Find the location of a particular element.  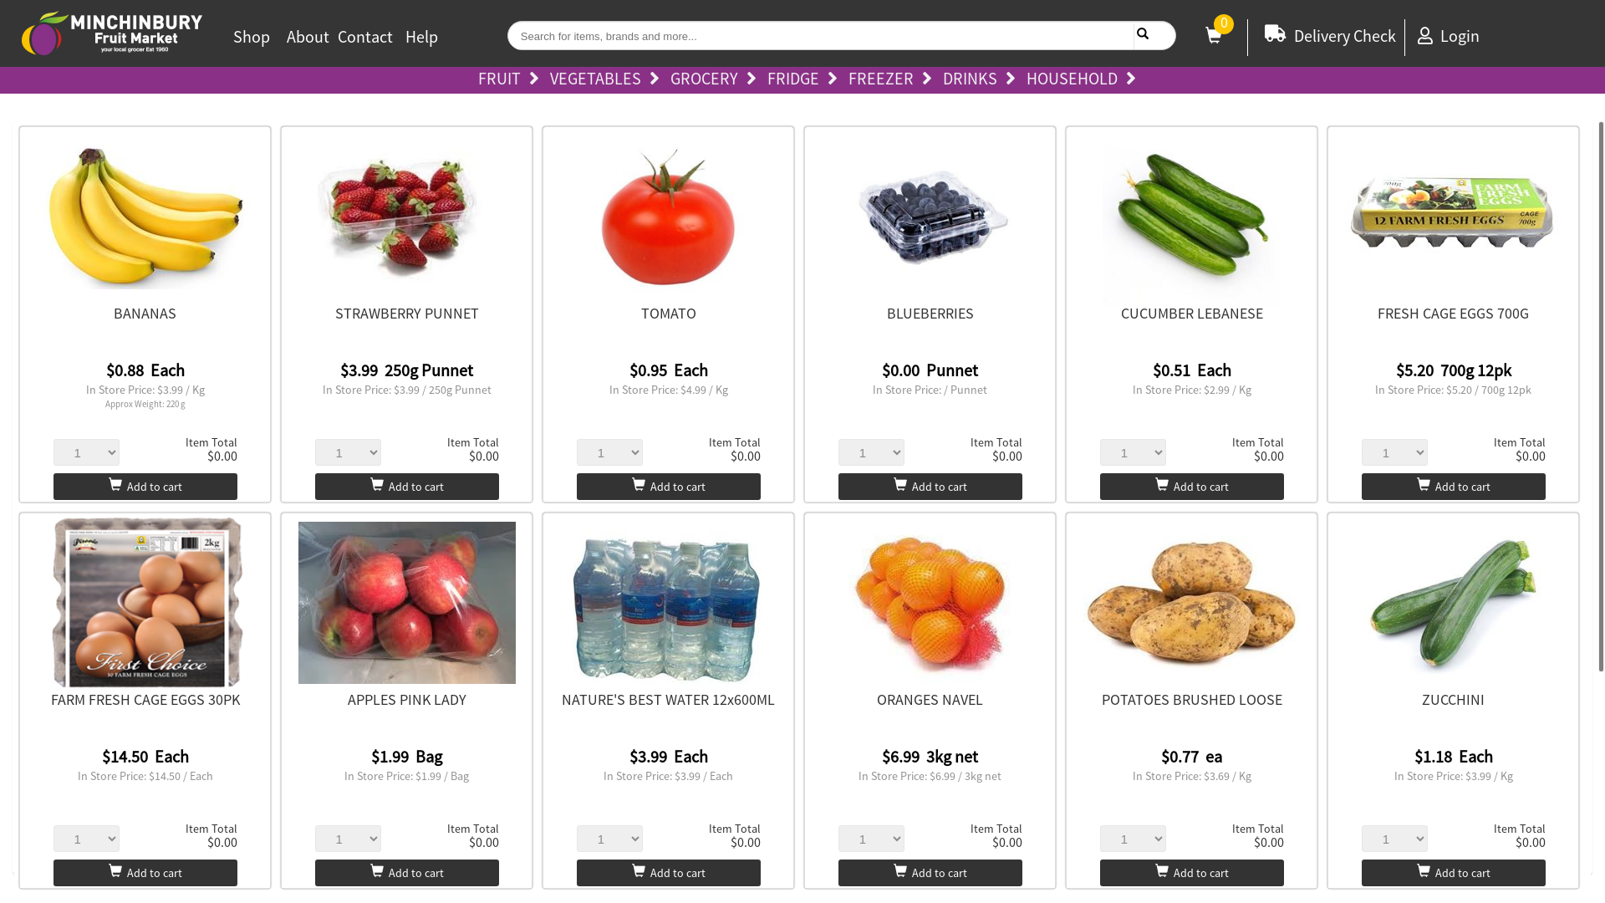

'Show details for CUCUMBER LEBANESE' is located at coordinates (1190, 215).